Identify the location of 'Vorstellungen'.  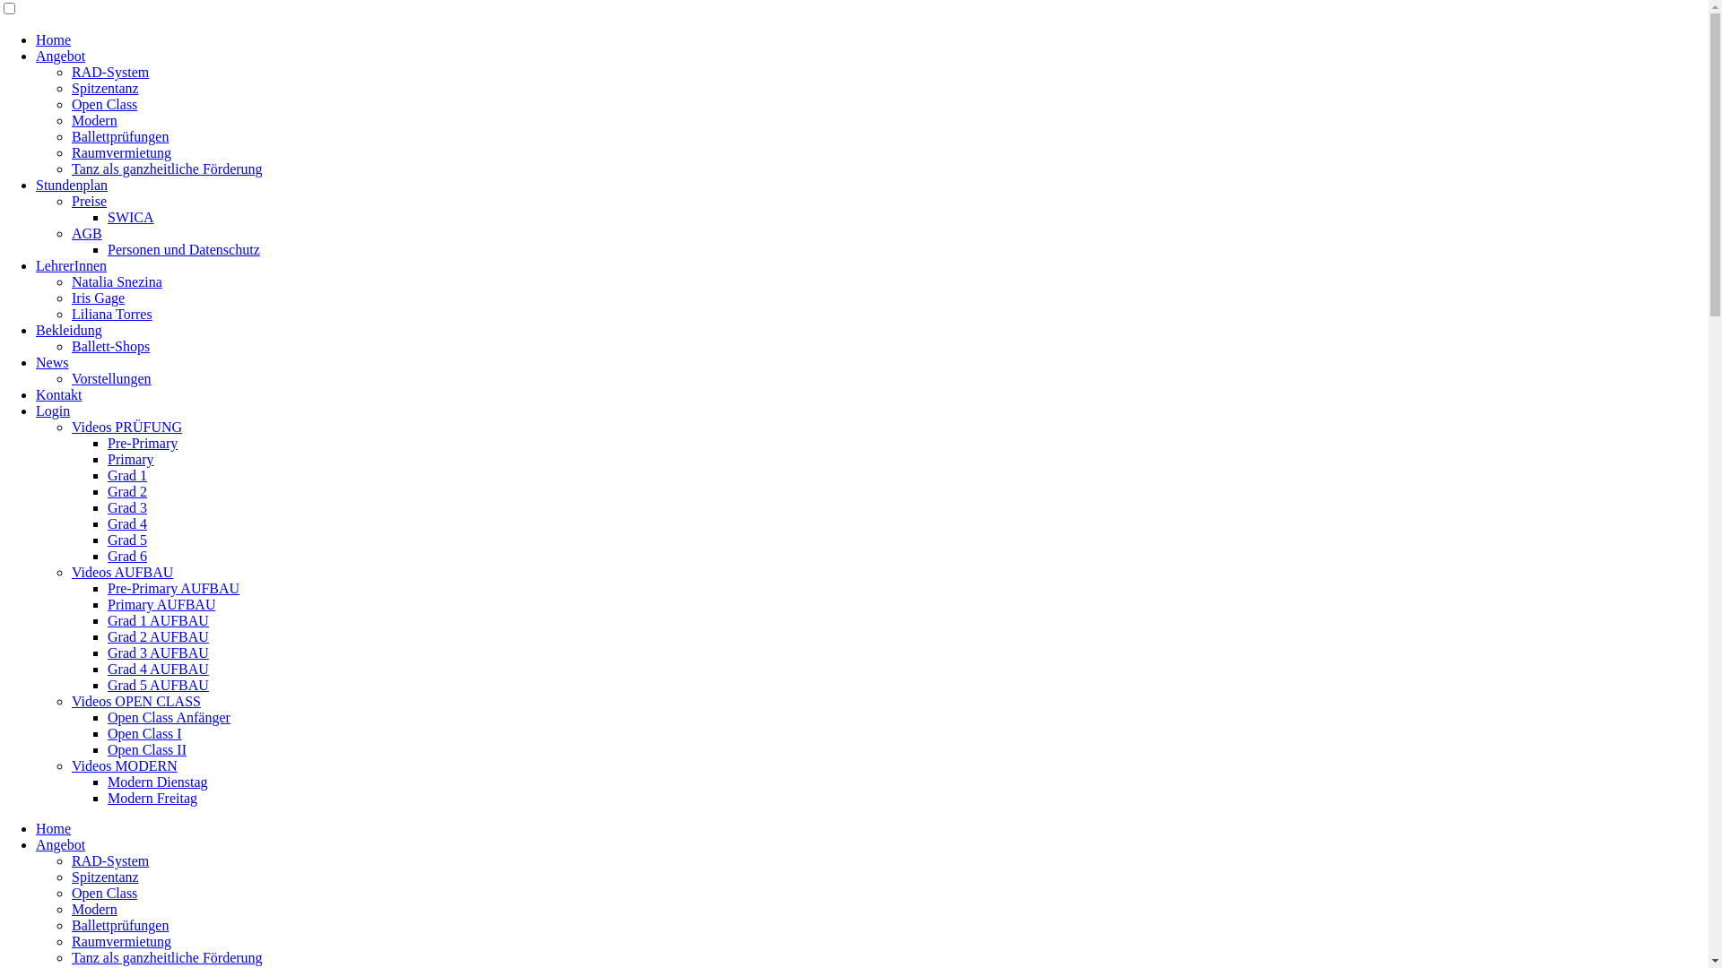
(72, 377).